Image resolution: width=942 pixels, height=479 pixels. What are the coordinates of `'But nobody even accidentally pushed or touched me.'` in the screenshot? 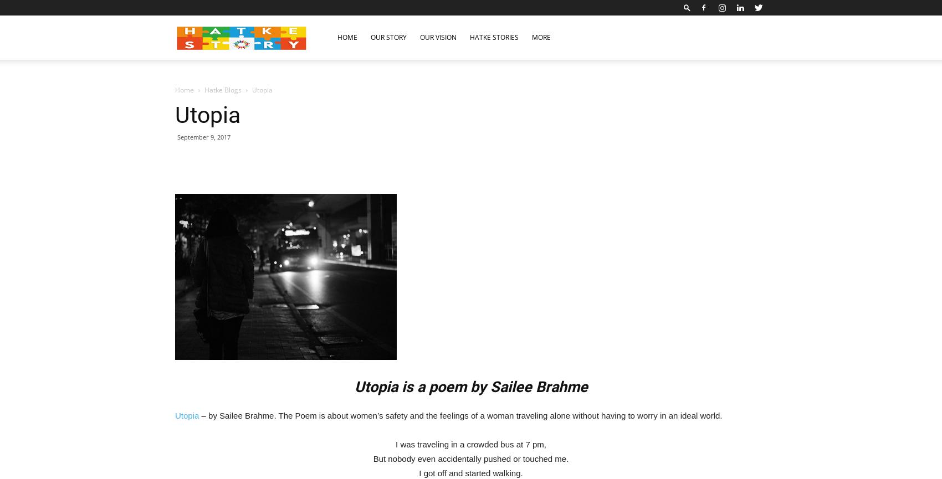 It's located at (373, 458).